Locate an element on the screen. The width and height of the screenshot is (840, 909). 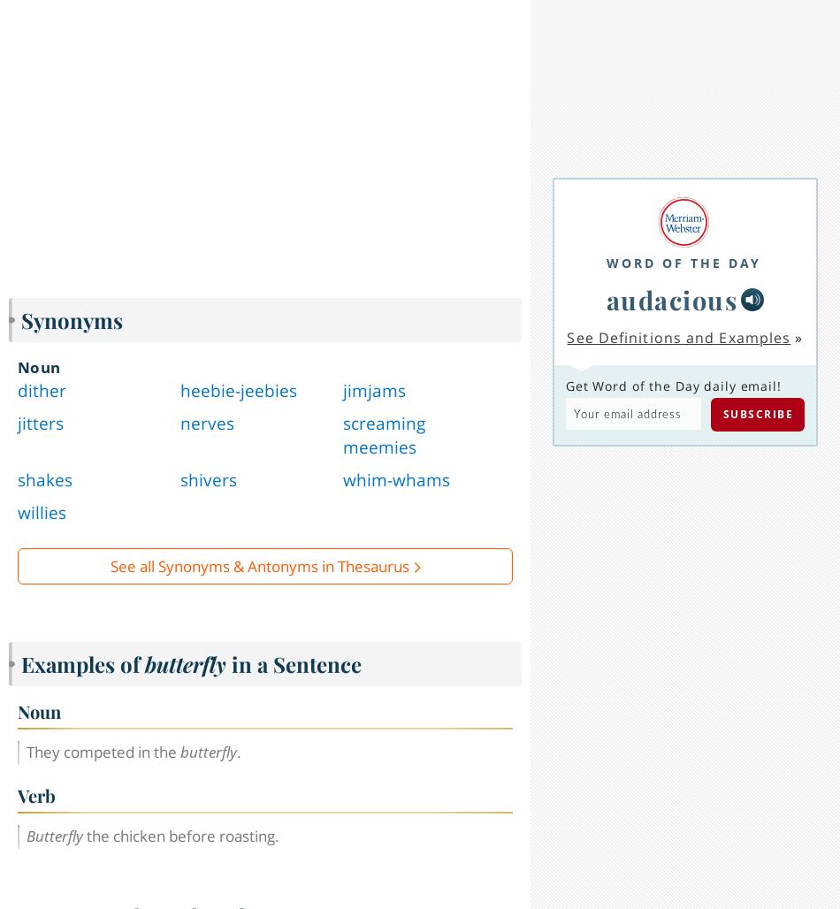
'Help' is located at coordinates (138, 886).